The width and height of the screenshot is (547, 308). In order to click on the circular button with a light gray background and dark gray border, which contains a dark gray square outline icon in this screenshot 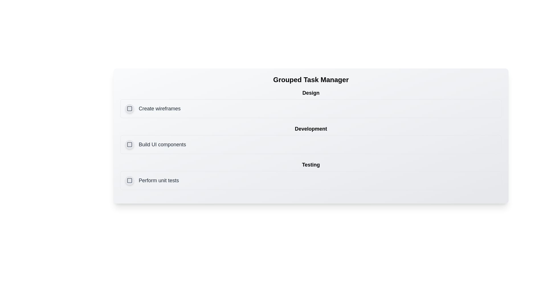, I will do `click(129, 109)`.